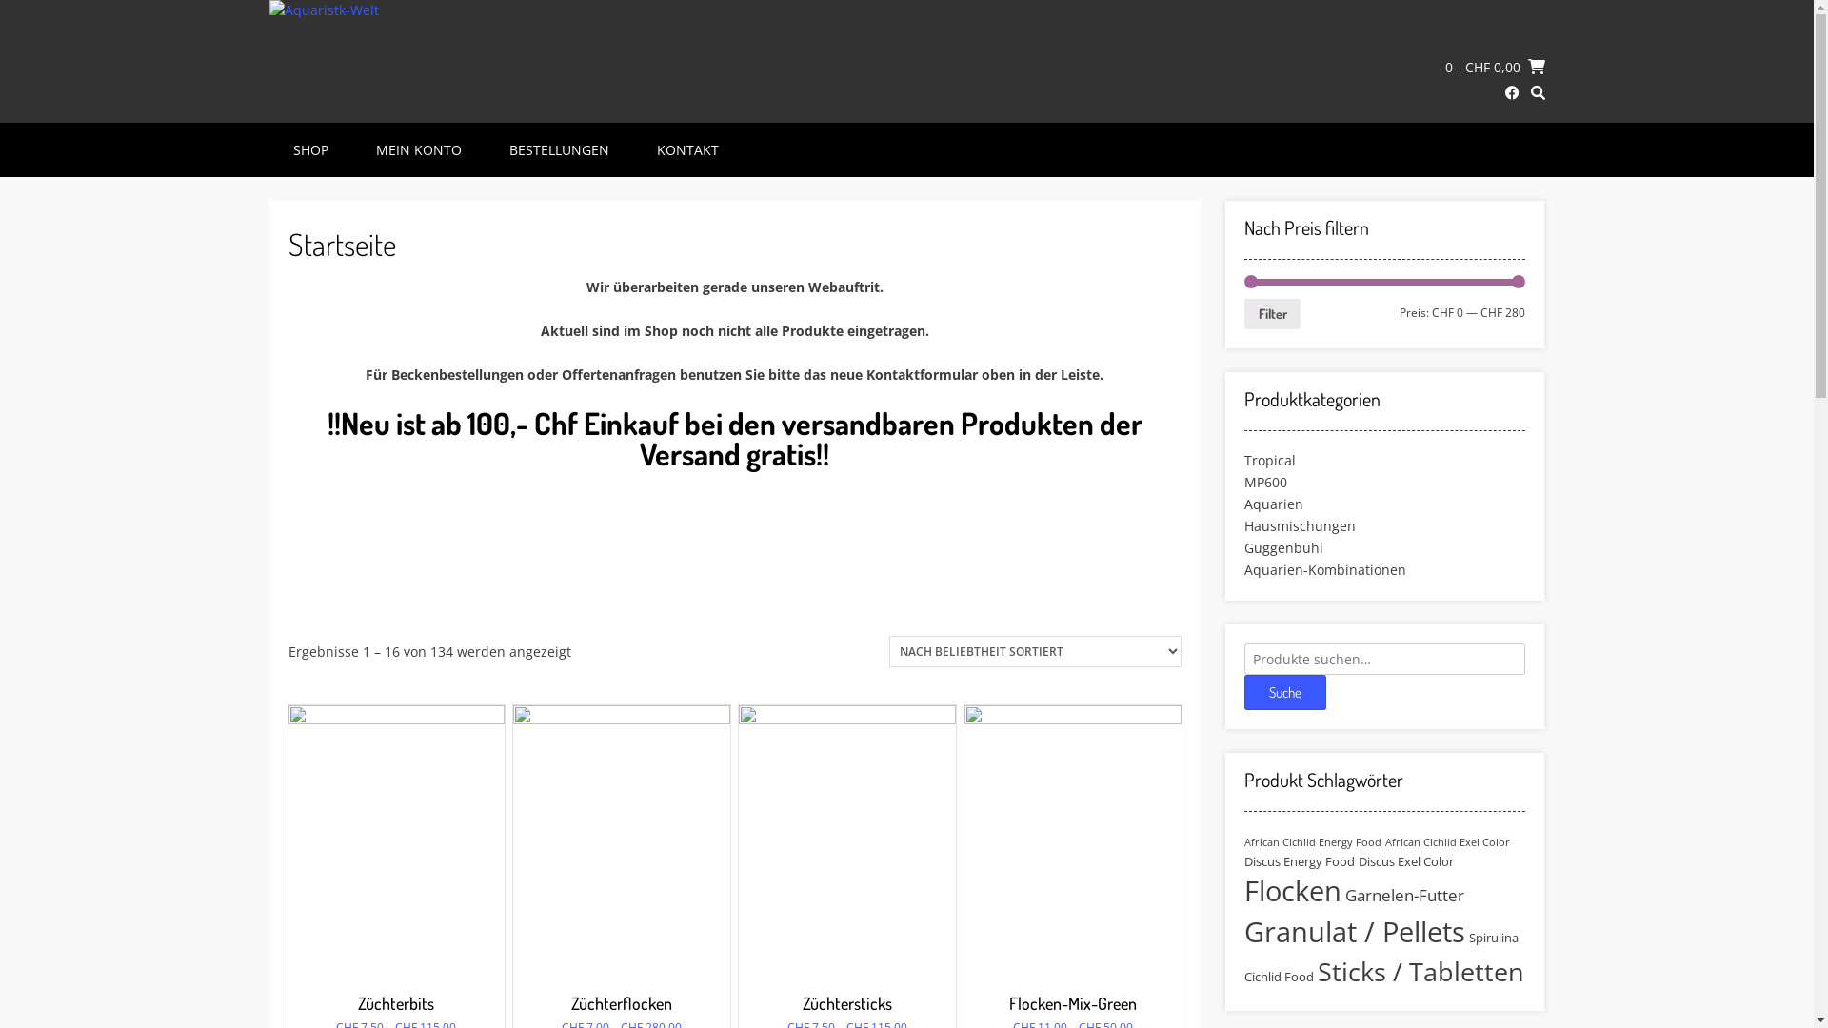 The image size is (1828, 1028). What do you see at coordinates (1357, 861) in the screenshot?
I see `'Discus Exel Color'` at bounding box center [1357, 861].